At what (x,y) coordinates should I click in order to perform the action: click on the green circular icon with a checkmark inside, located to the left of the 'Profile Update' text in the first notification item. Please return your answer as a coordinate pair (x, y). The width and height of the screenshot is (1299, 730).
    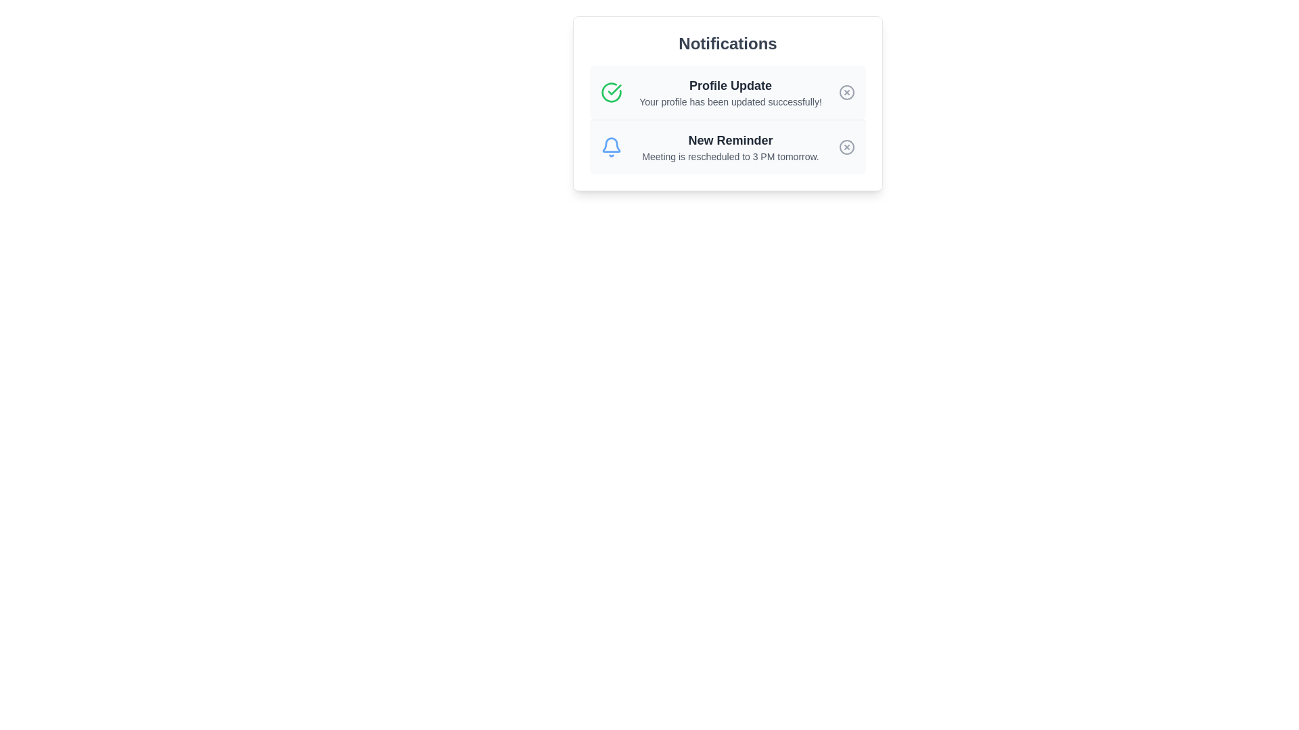
    Looking at the image, I should click on (610, 92).